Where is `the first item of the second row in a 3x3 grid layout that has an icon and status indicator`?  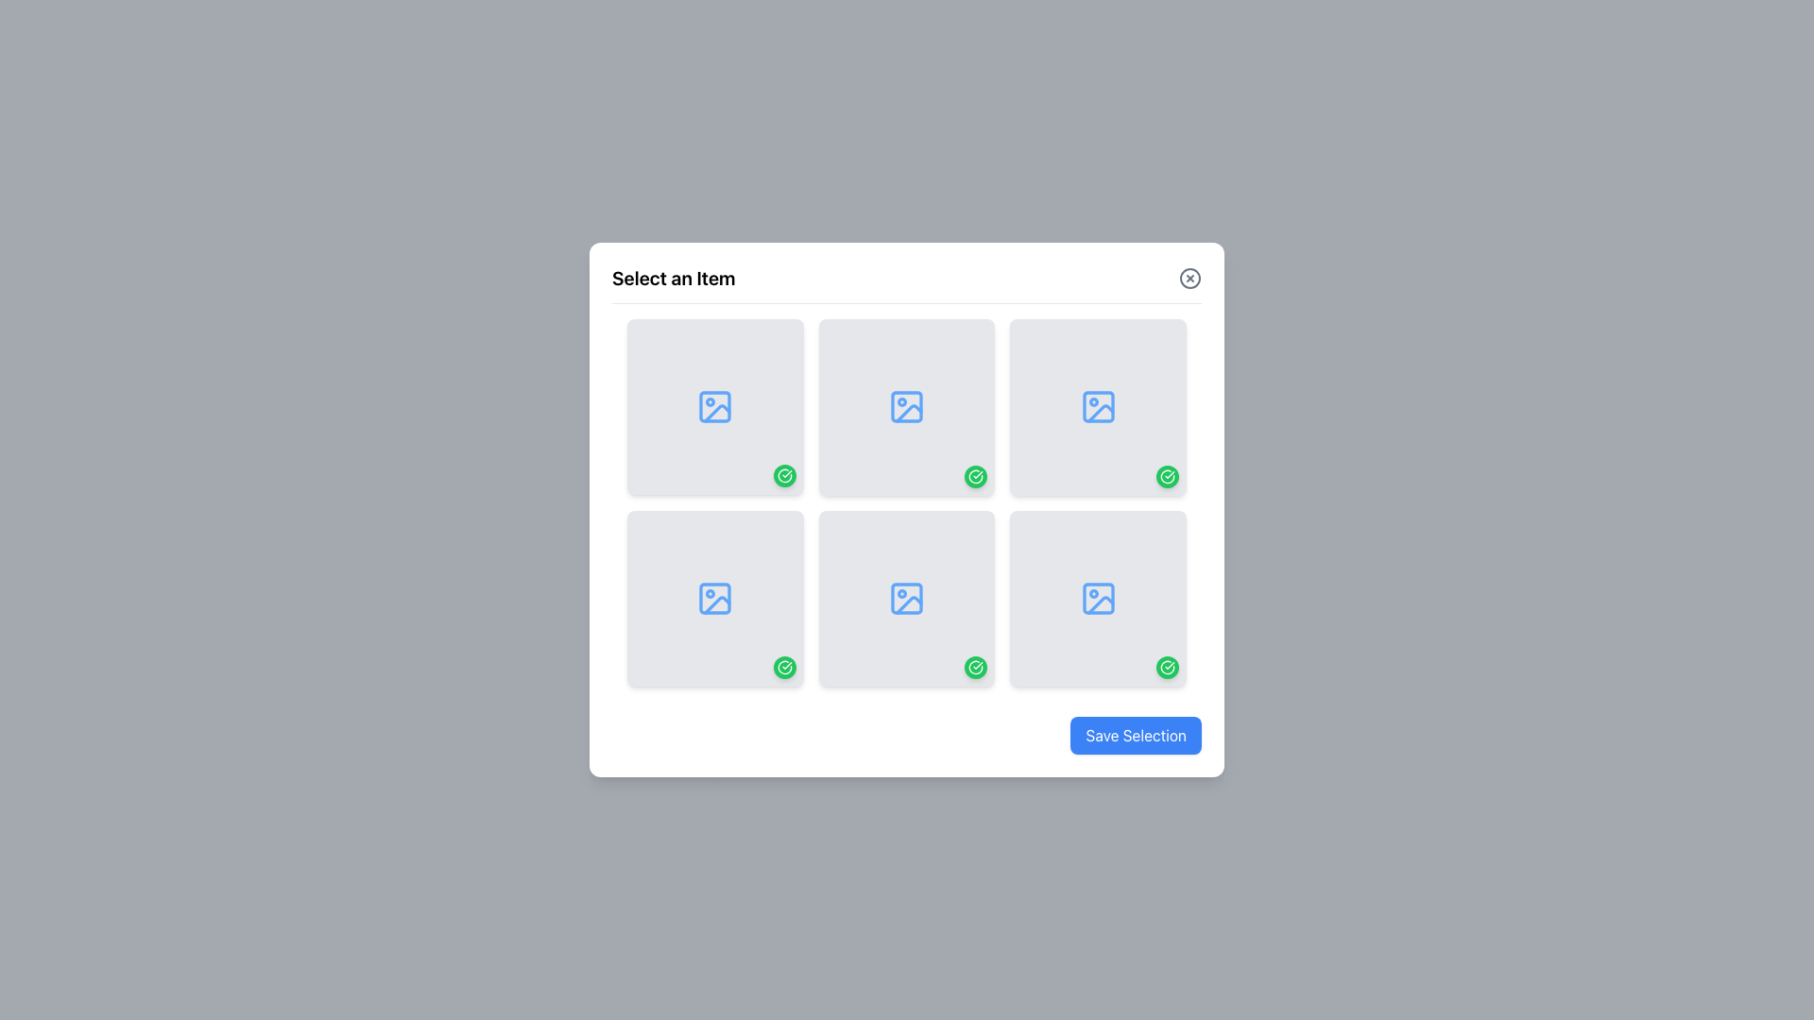
the first item of the second row in a 3x3 grid layout that has an icon and status indicator is located at coordinates (714, 597).